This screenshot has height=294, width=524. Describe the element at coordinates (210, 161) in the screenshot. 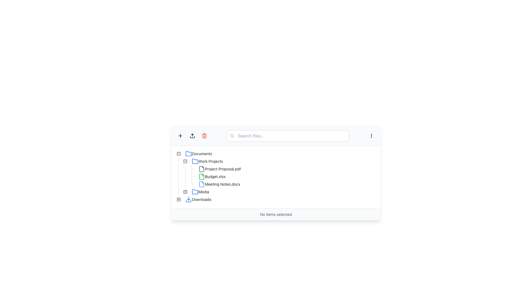

I see `the 'Work Projects' text label in the folder tree structure` at that location.